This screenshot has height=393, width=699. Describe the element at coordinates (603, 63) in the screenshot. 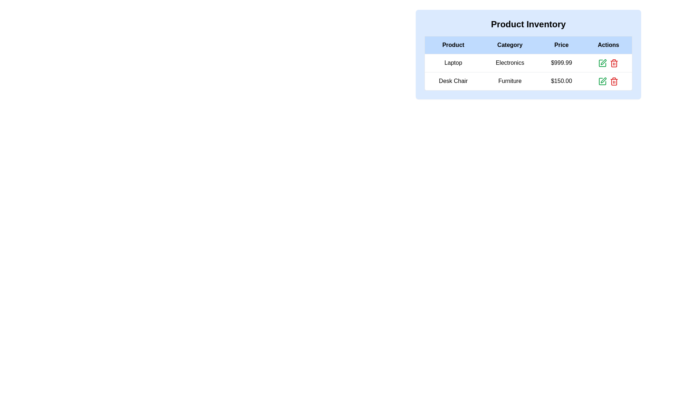

I see `the second action button icon in the 'Actions' column of the second row of the table, which is represented as a rounded square` at that location.